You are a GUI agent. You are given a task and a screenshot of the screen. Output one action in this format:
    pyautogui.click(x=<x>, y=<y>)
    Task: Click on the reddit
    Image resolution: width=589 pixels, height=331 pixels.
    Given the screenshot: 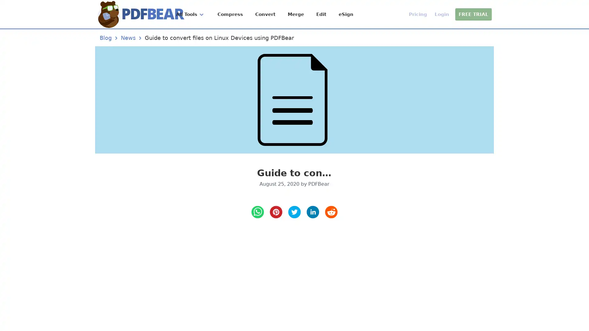 What is the action you would take?
    pyautogui.click(x=331, y=211)
    